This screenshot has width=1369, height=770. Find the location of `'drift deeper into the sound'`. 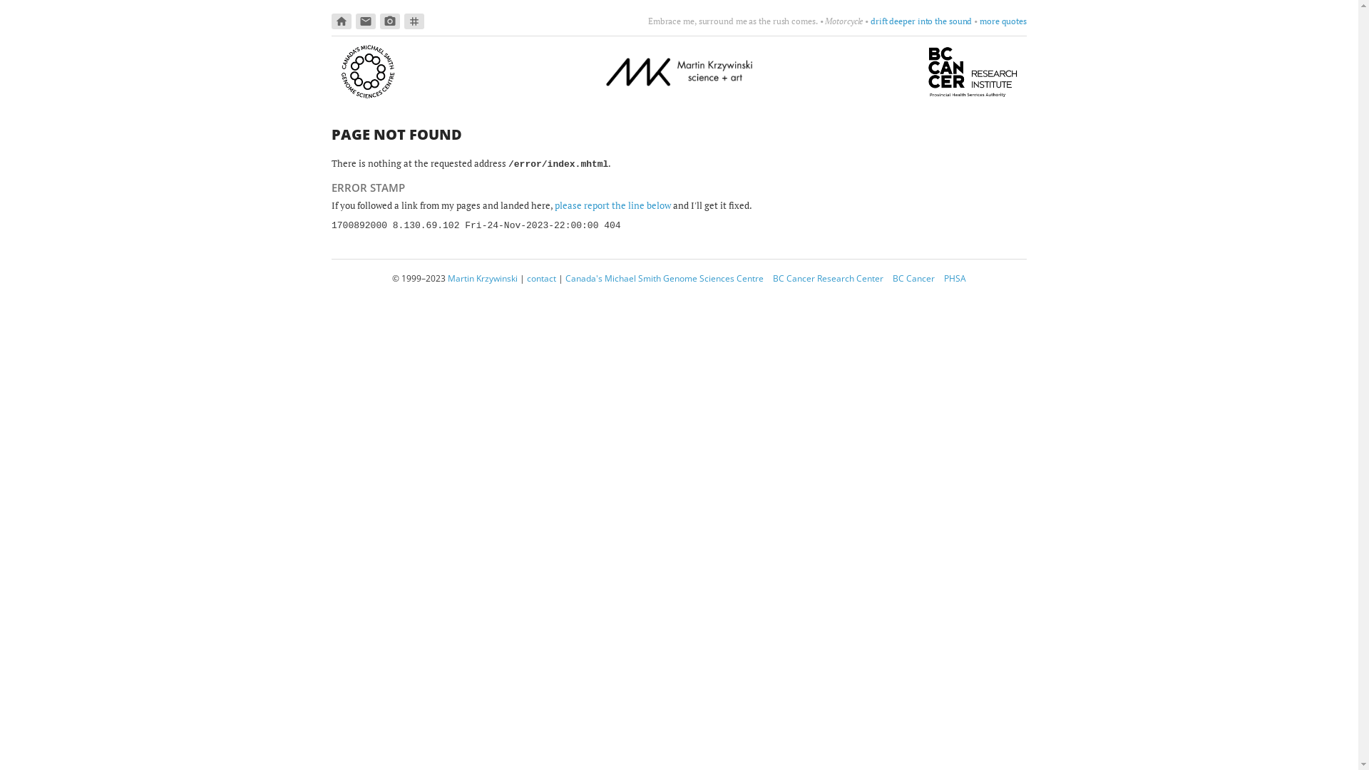

'drift deeper into the sound' is located at coordinates (921, 21).